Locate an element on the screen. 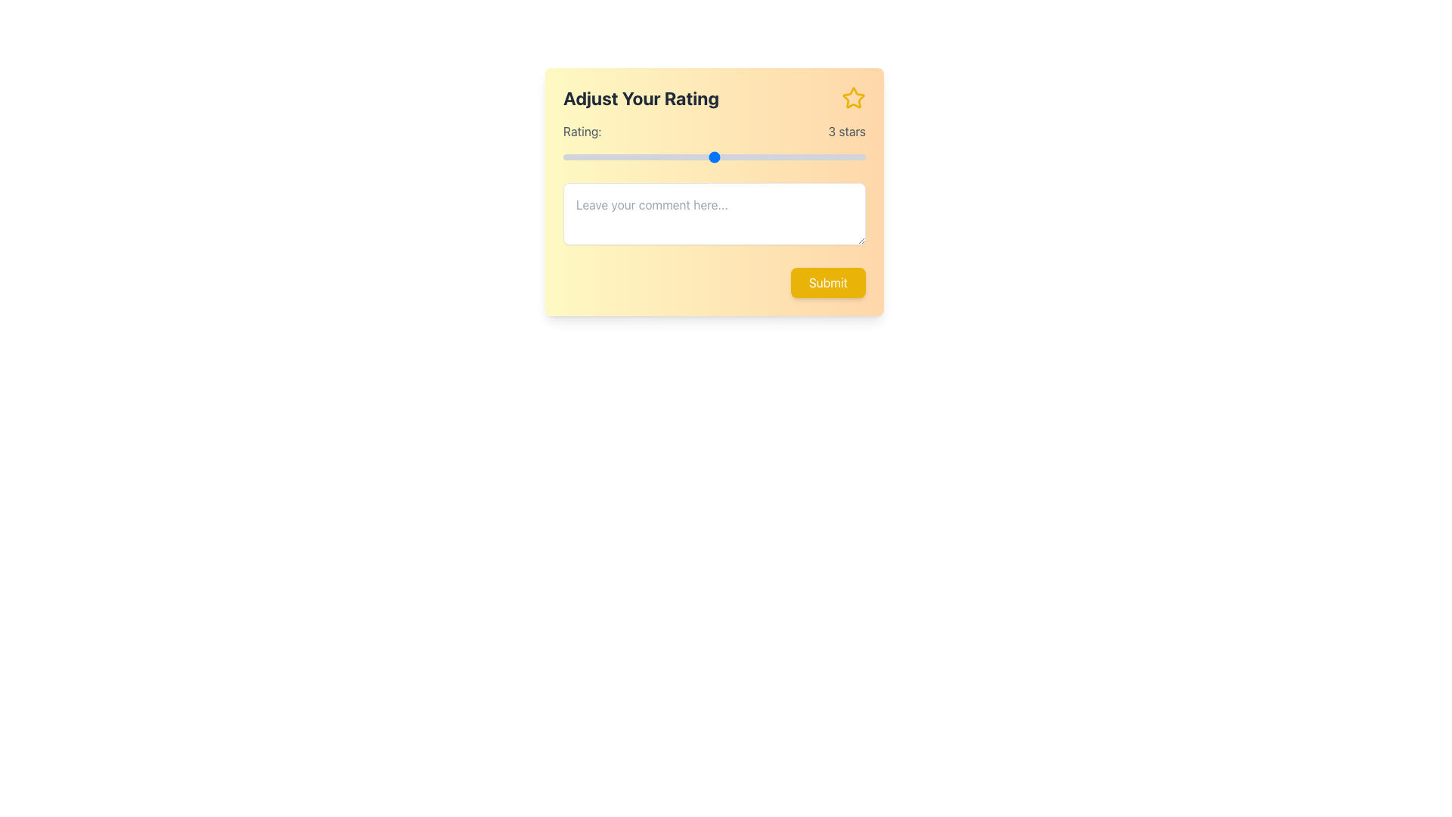 This screenshot has width=1452, height=817. the slider is located at coordinates (562, 157).